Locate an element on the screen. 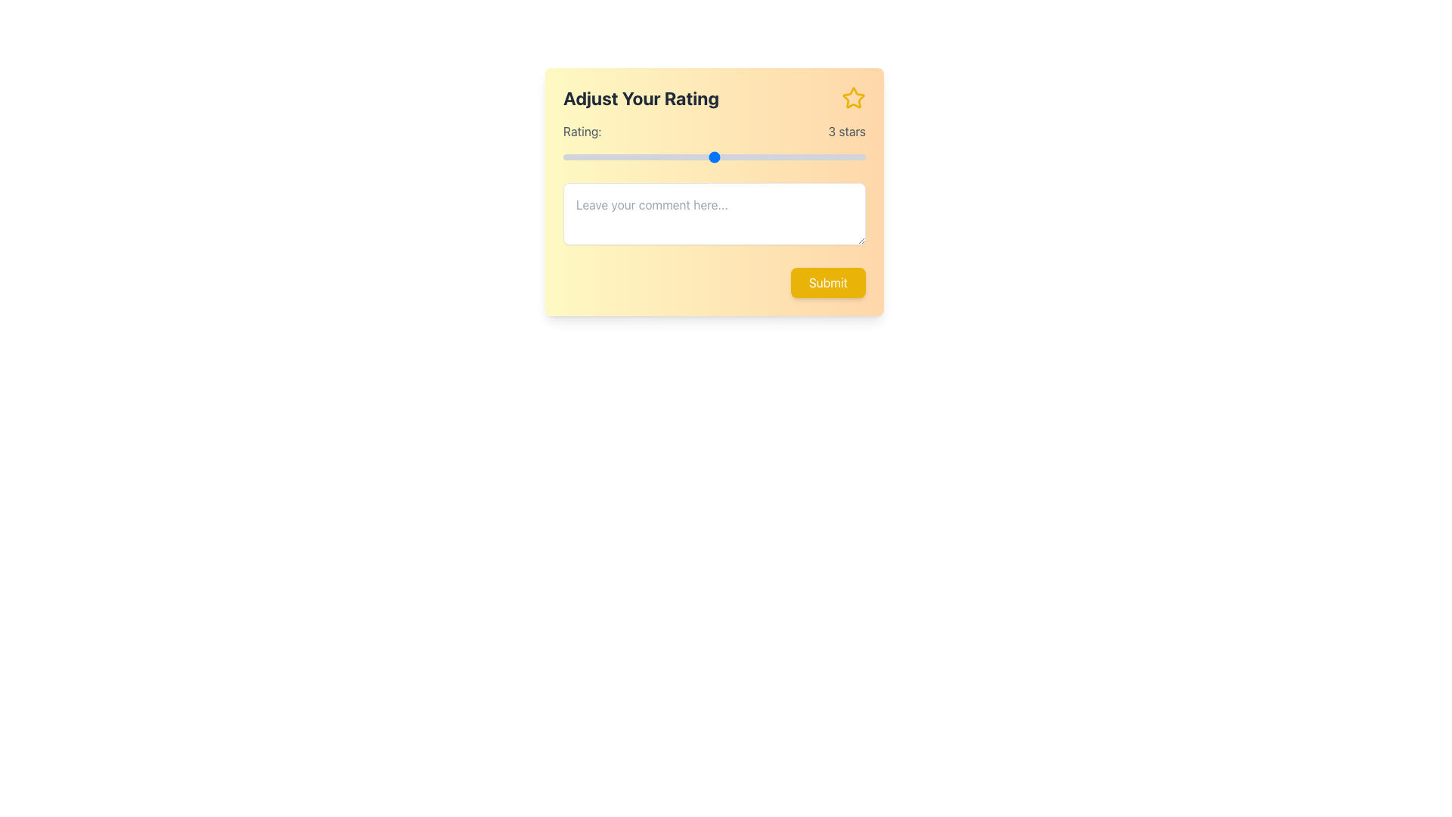 This screenshot has width=1452, height=817. the slider is located at coordinates (562, 157).